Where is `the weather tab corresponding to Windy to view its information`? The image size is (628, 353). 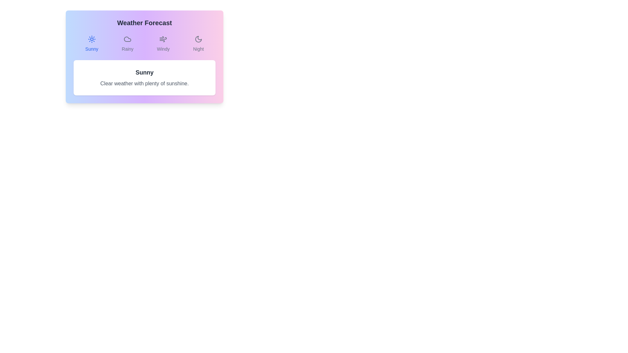 the weather tab corresponding to Windy to view its information is located at coordinates (163, 44).